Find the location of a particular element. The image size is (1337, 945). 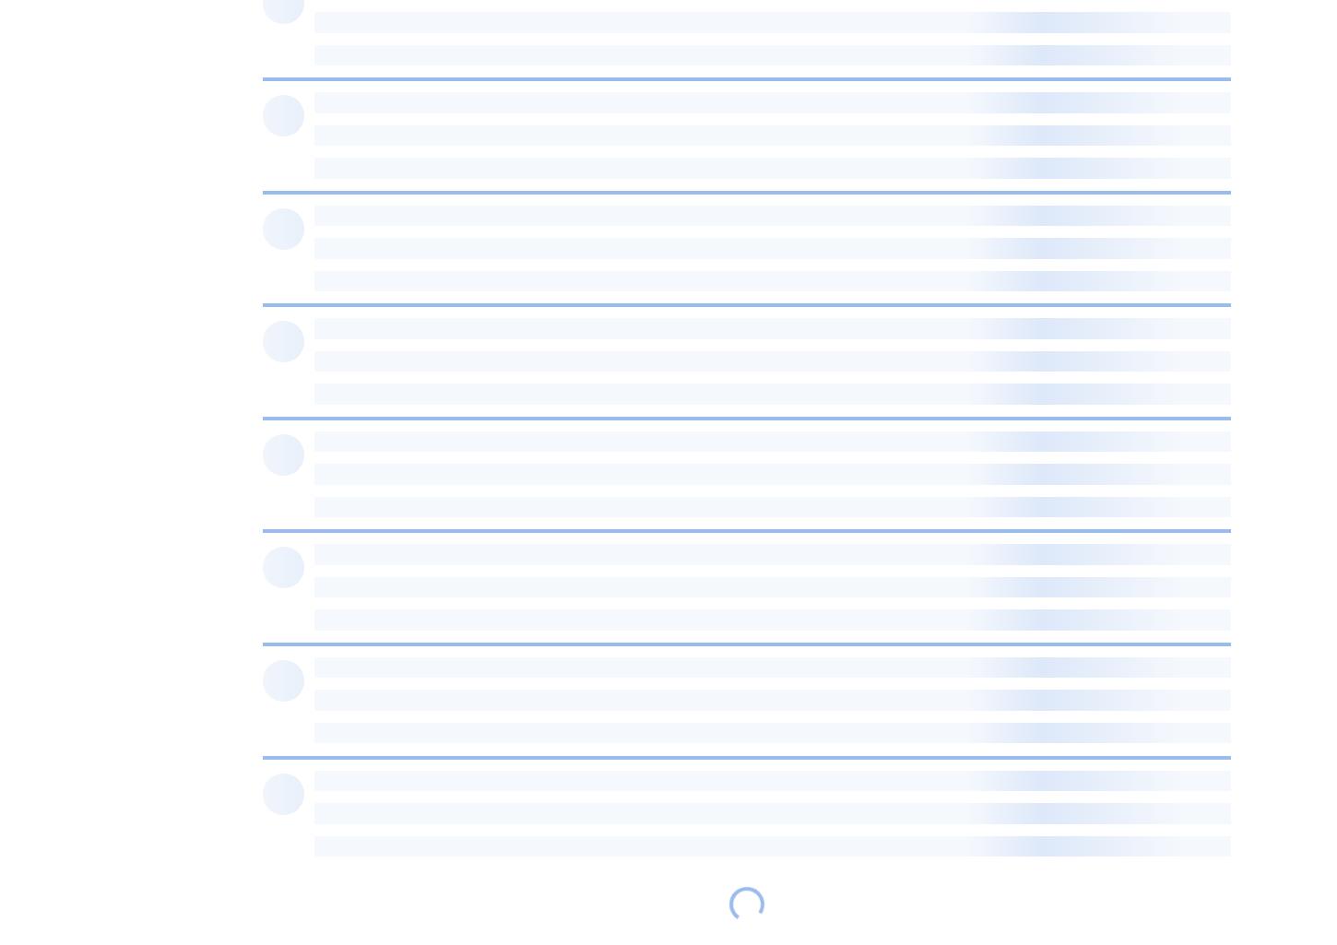

'sb56637:' is located at coordinates (387, 318).